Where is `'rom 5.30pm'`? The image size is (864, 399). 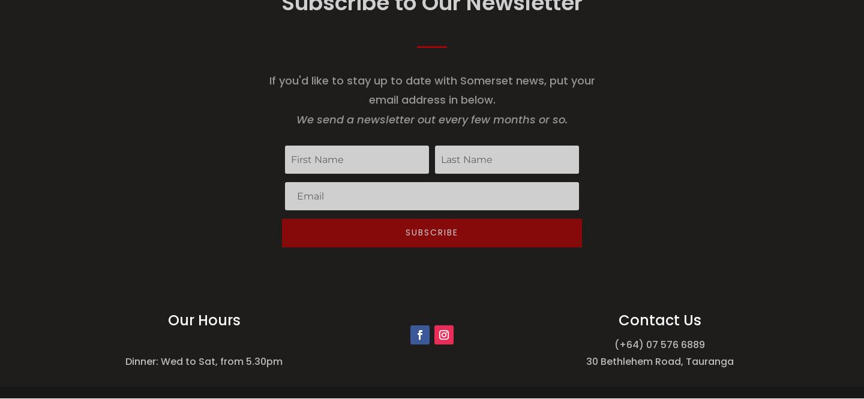 'rom 5.30pm' is located at coordinates (253, 361).